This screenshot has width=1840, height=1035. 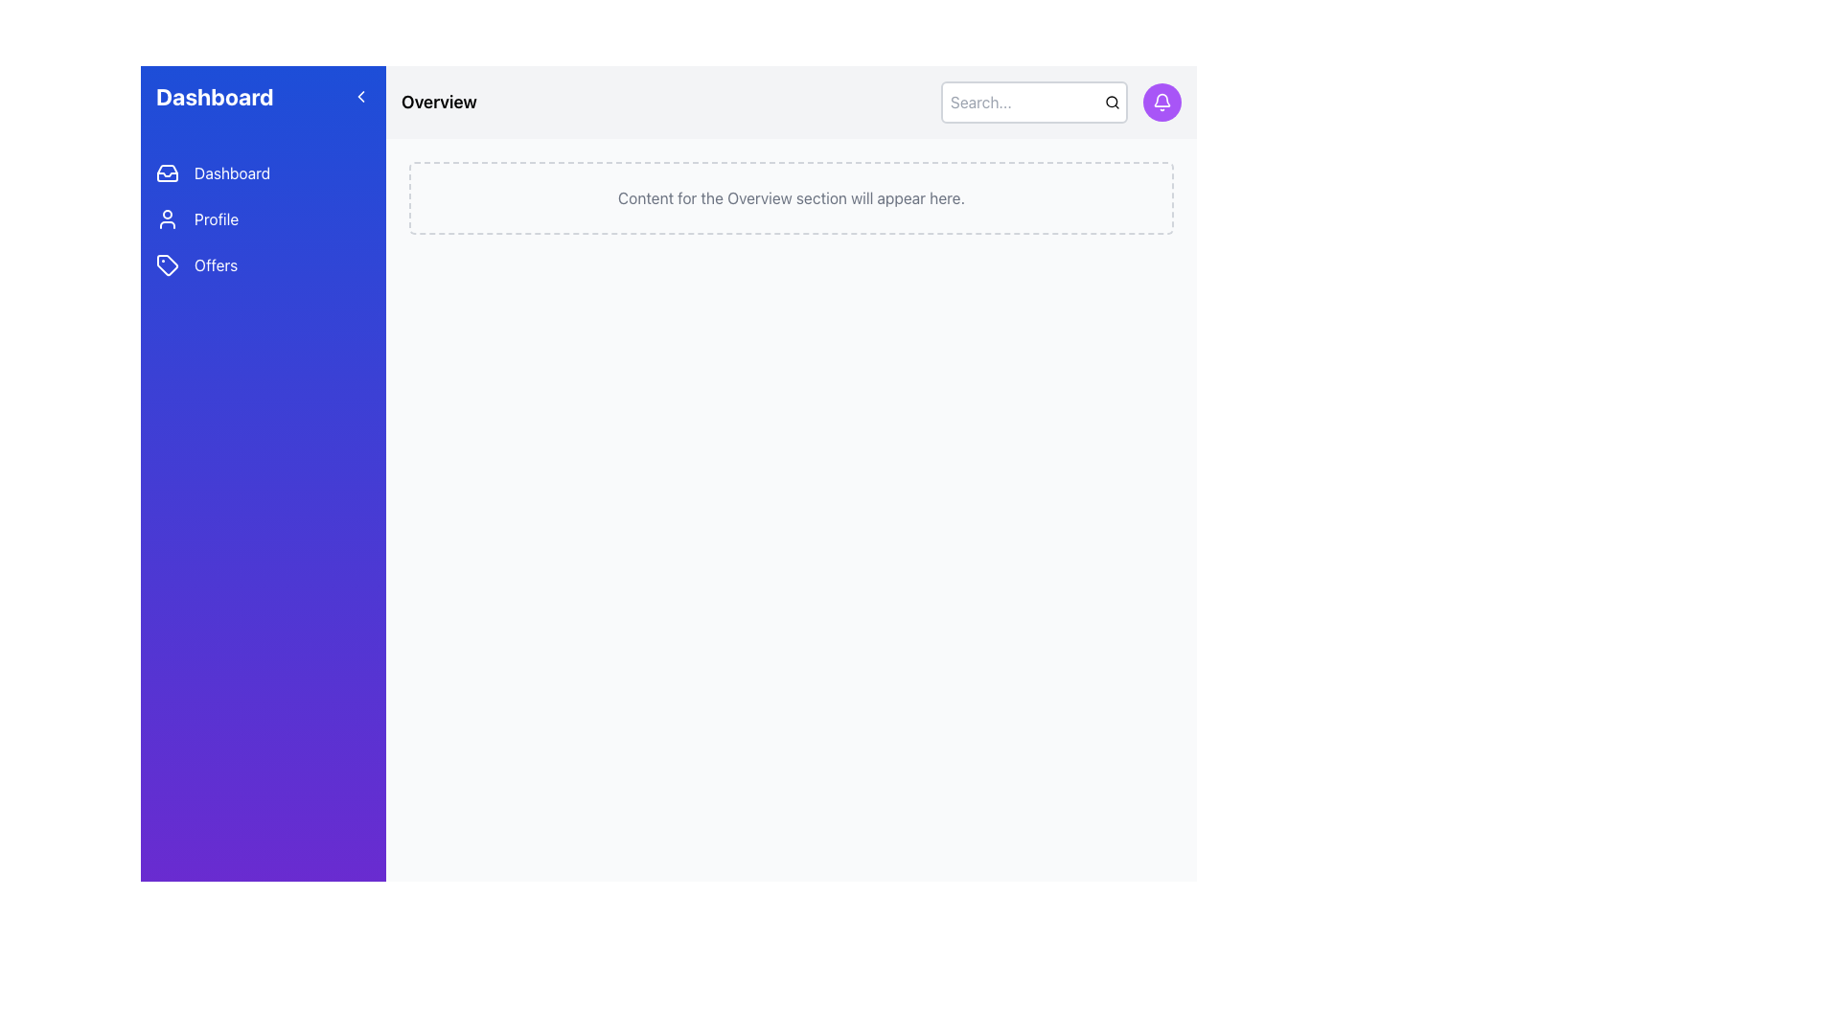 What do you see at coordinates (1161, 103) in the screenshot?
I see `the notification bell icon, which is an outline-style drawing inside a circular purple background located at the top-right corner of the interface` at bounding box center [1161, 103].